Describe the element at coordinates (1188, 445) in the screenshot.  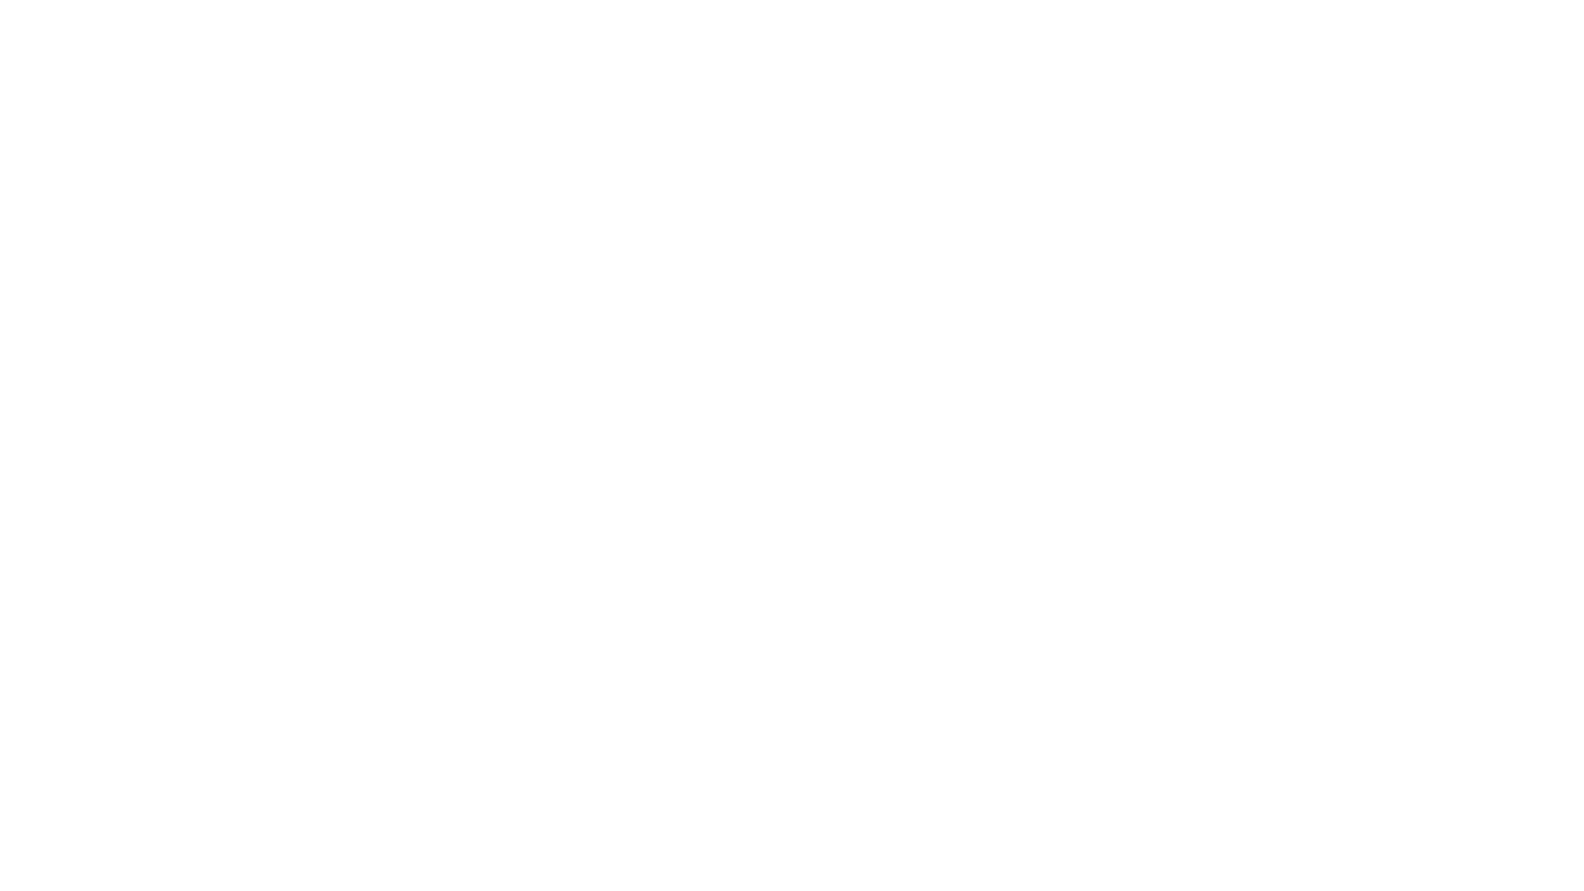
I see `Search` at that location.